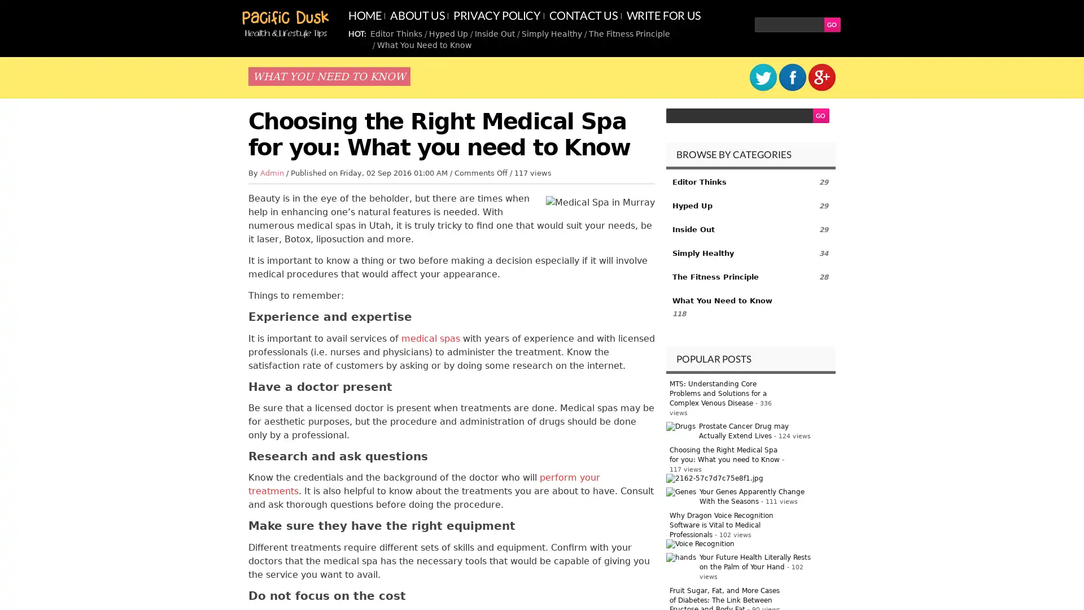 The height and width of the screenshot is (610, 1084). What do you see at coordinates (821, 115) in the screenshot?
I see `GO` at bounding box center [821, 115].